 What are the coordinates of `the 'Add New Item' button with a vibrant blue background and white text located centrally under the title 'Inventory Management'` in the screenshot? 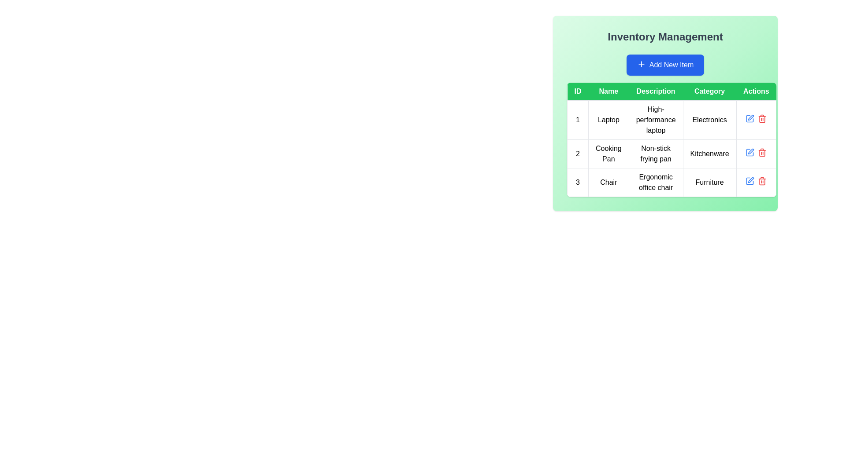 It's located at (665, 64).